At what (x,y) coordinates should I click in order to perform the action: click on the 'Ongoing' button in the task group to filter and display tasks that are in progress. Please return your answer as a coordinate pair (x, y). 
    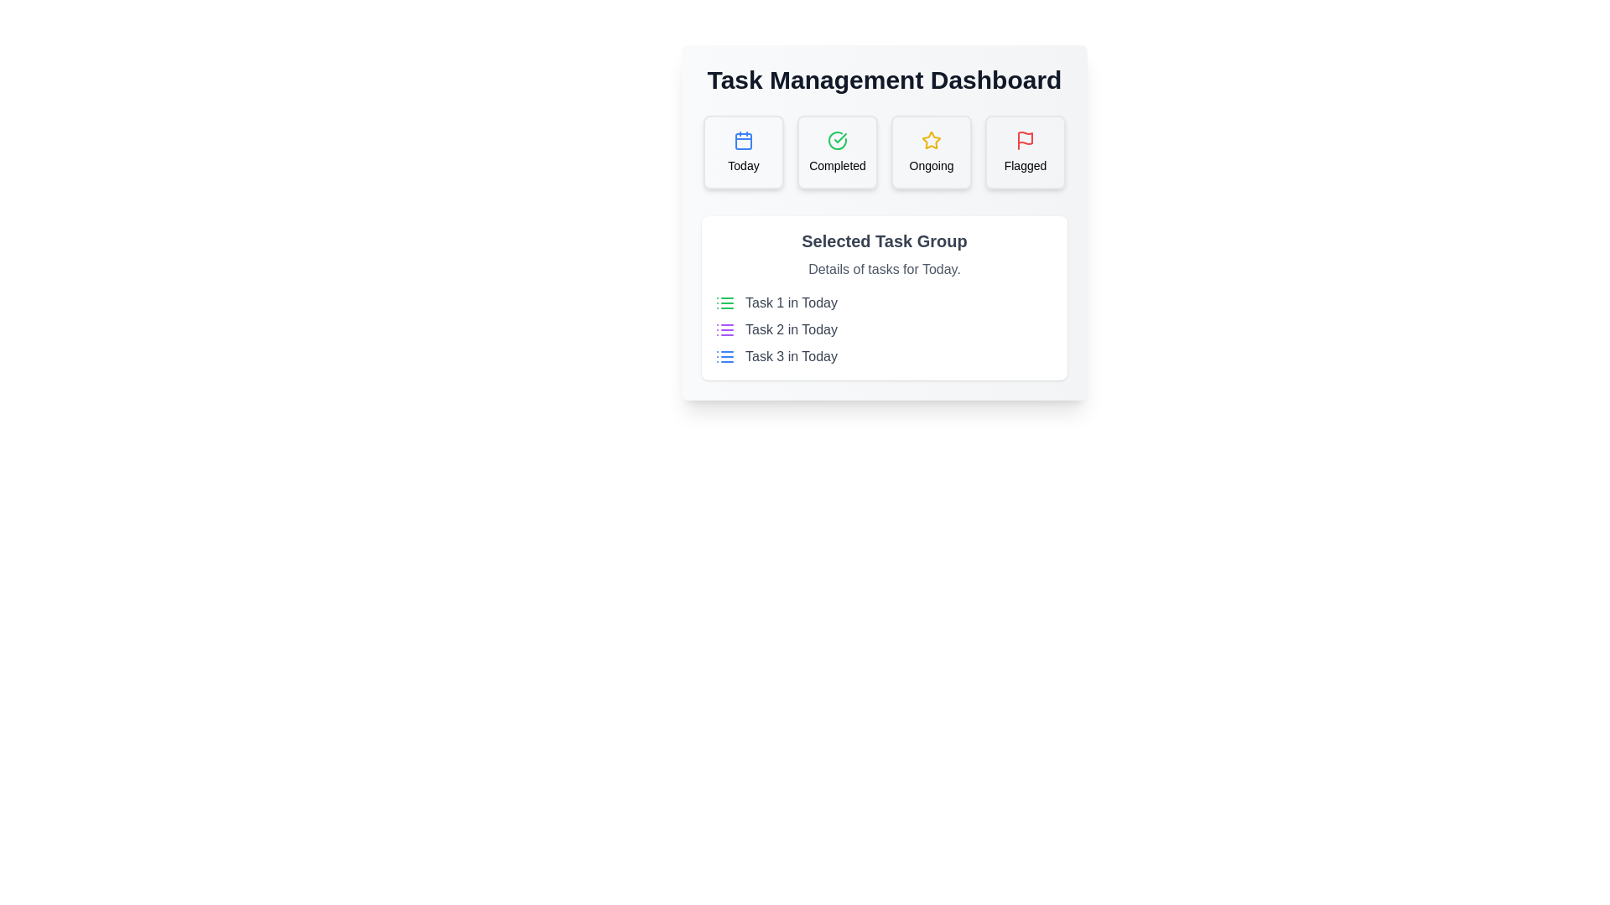
    Looking at the image, I should click on (930, 152).